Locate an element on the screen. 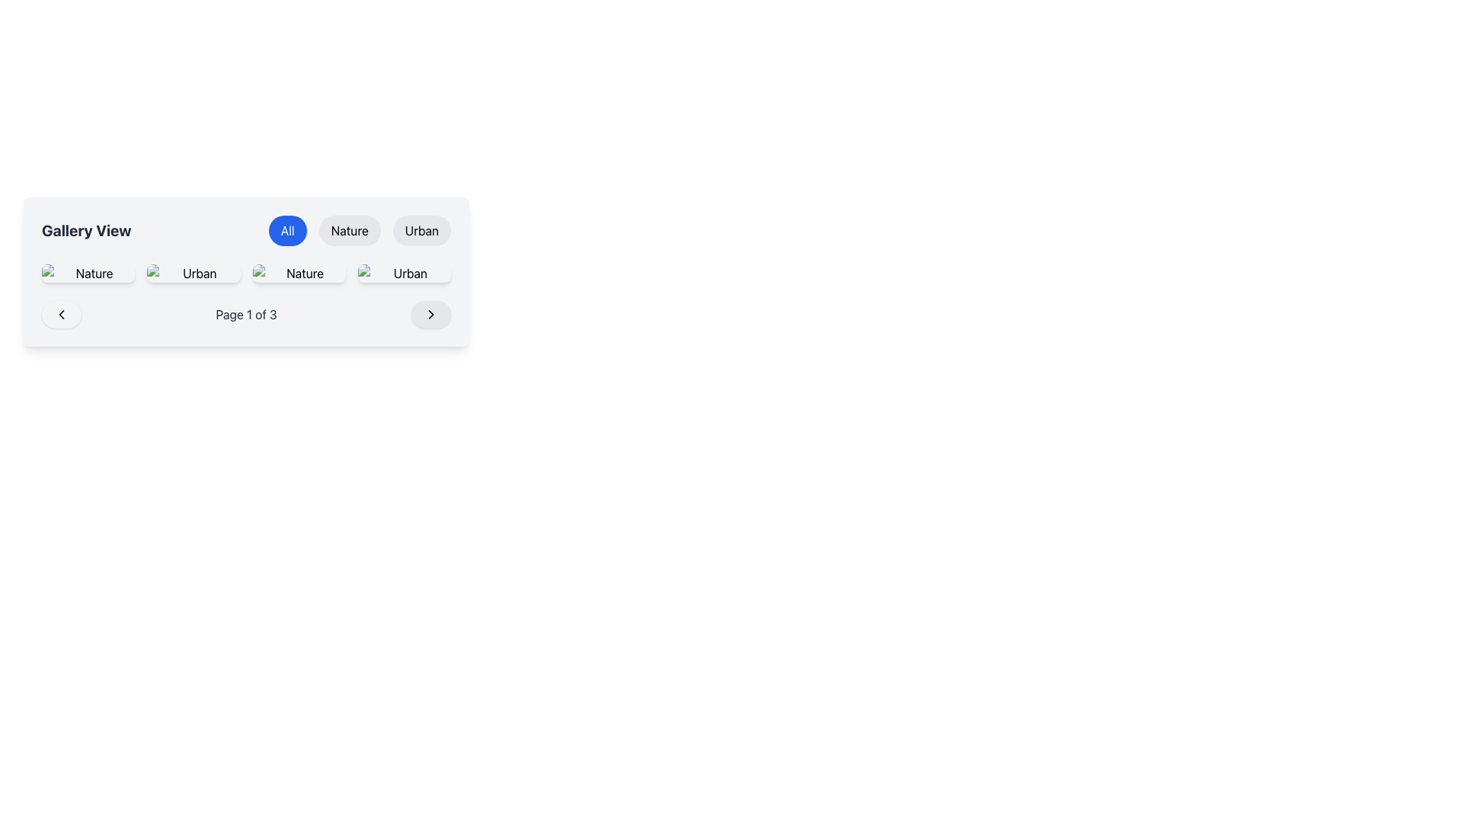  the first button labeled 'All' in the filter options to apply the filter is located at coordinates (287, 231).